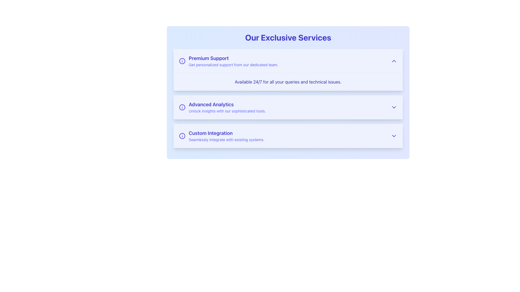 The image size is (520, 292). Describe the element at coordinates (229, 61) in the screenshot. I see `the 'Premium Support' section that features a bold indigo title and an information icon, indicating selection of this section` at that location.